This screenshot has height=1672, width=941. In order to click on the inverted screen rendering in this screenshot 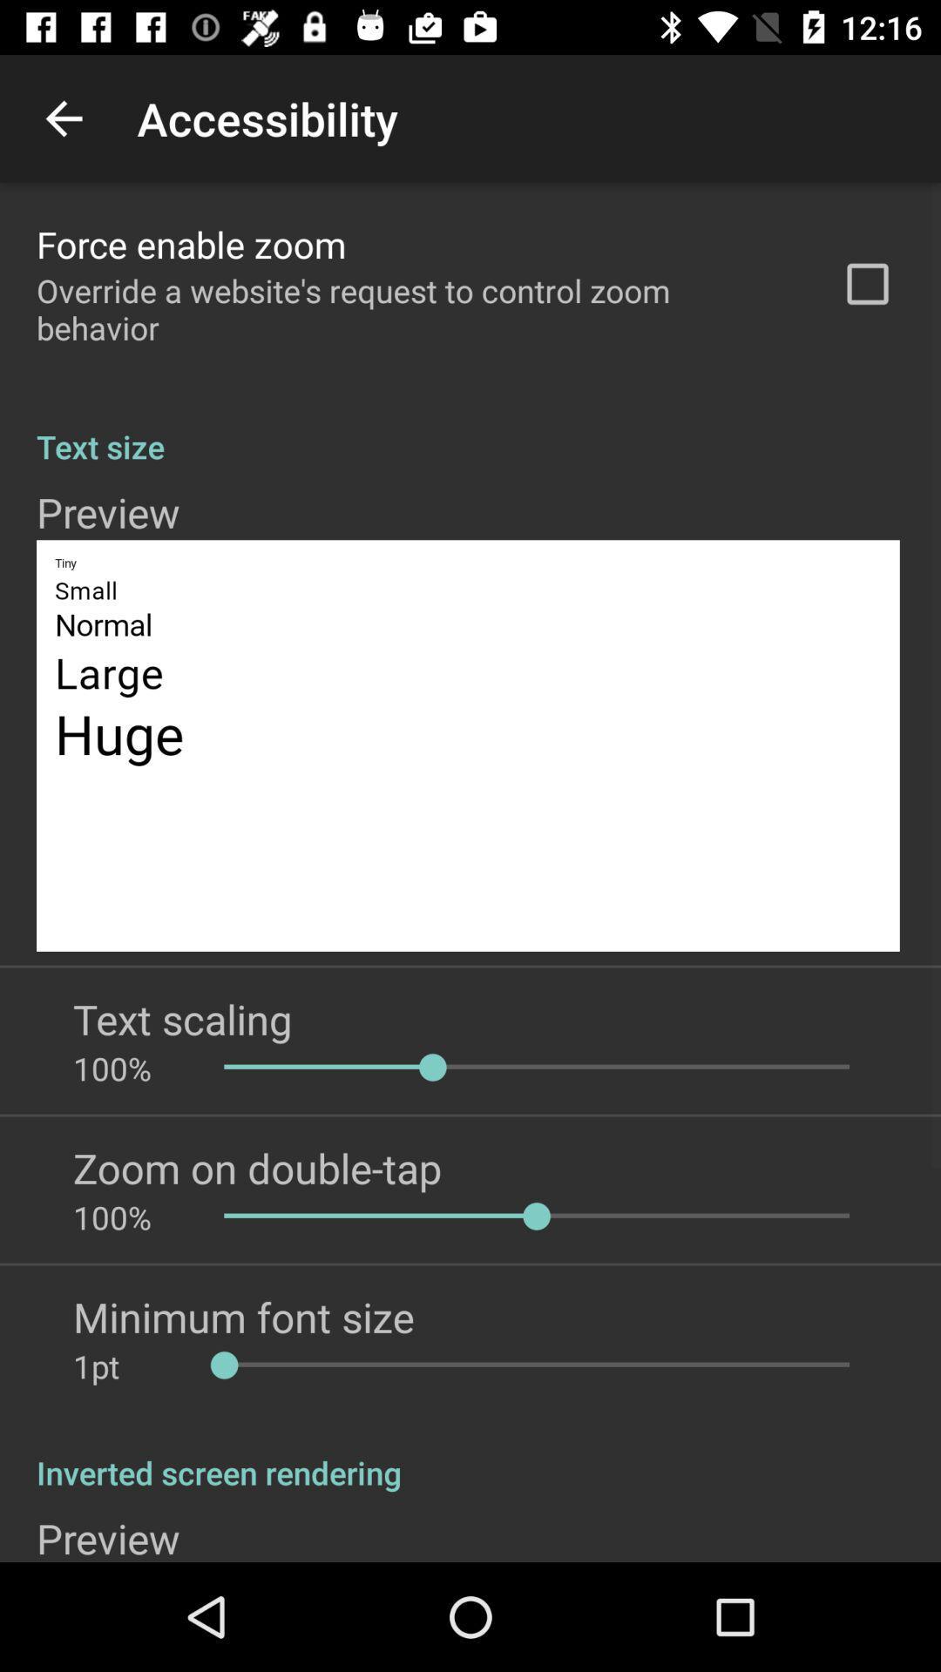, I will do `click(470, 1454)`.